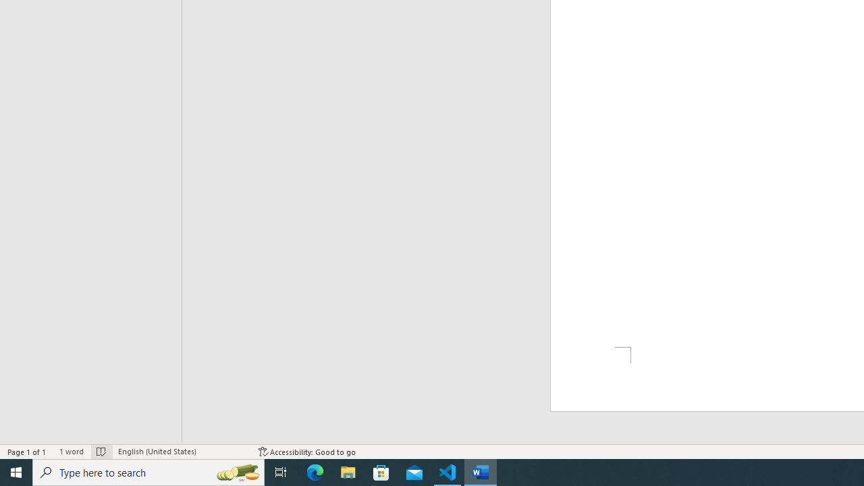  Describe the element at coordinates (27, 452) in the screenshot. I see `'Page Number Page 1 of 1'` at that location.